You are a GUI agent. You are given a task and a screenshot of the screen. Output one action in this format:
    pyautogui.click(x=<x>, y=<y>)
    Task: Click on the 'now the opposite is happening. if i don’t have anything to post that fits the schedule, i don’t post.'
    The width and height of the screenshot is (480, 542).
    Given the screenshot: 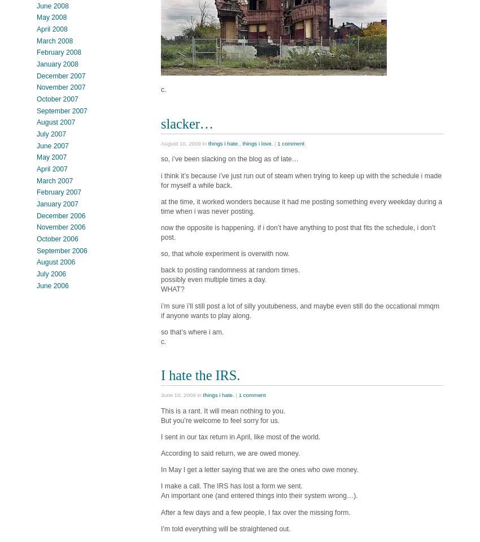 What is the action you would take?
    pyautogui.click(x=297, y=232)
    